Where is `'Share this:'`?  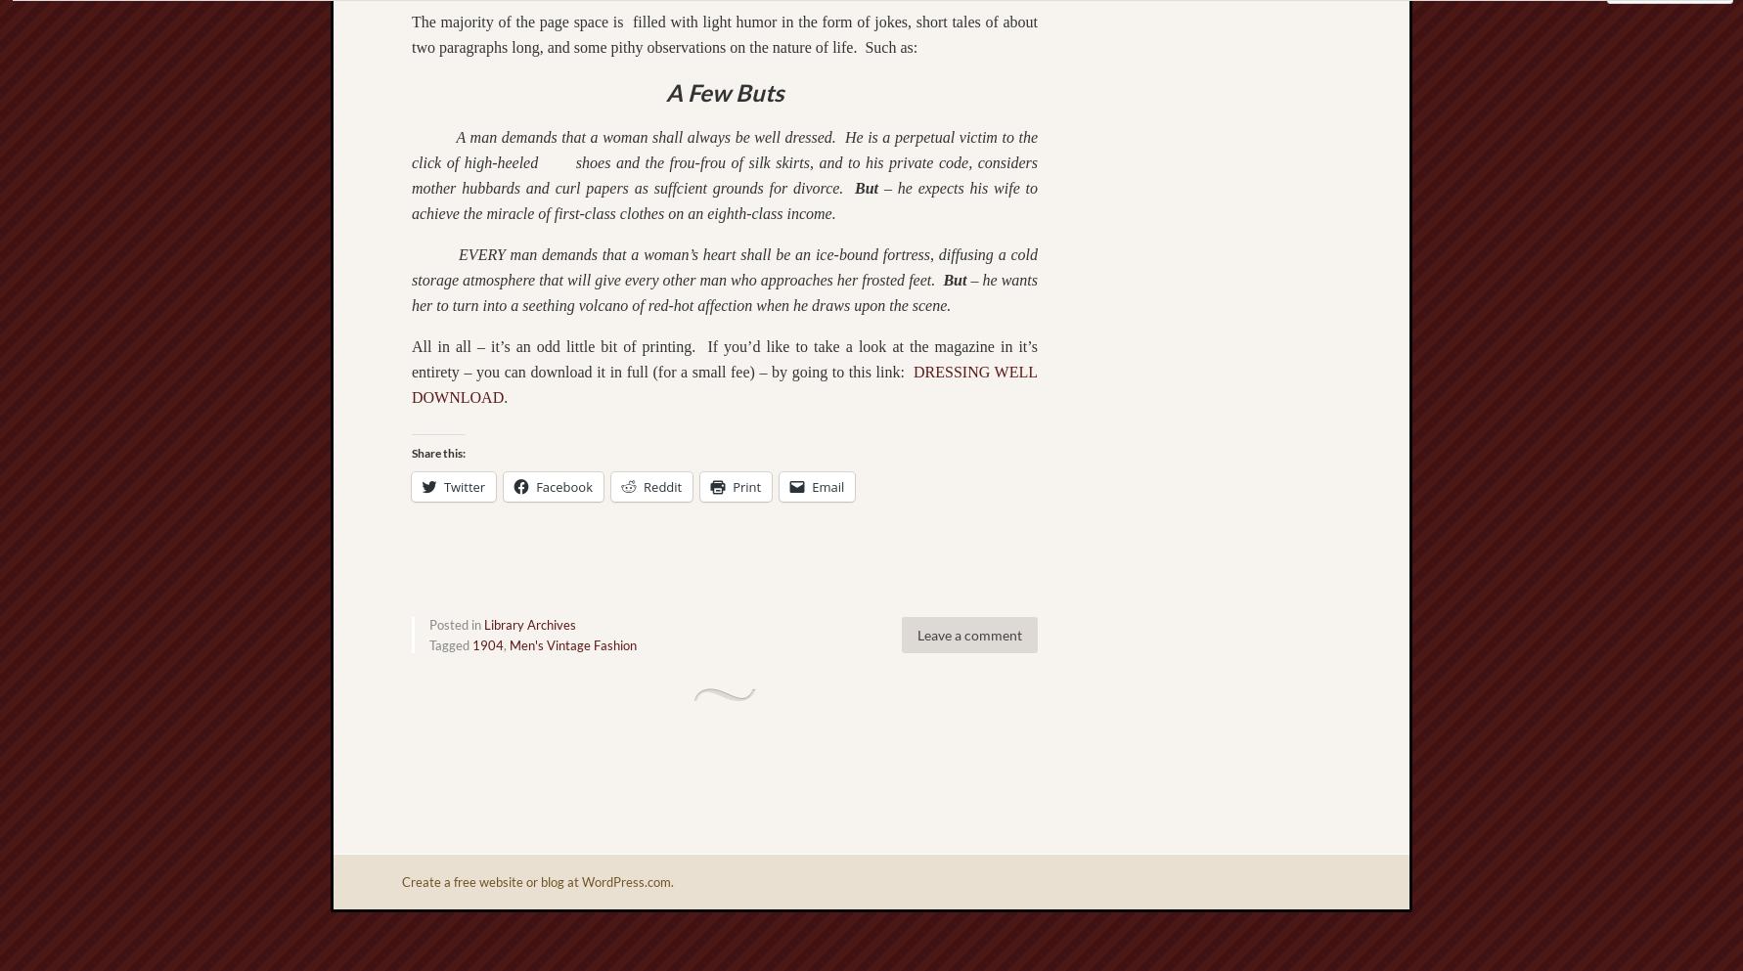
'Share this:' is located at coordinates (437, 451).